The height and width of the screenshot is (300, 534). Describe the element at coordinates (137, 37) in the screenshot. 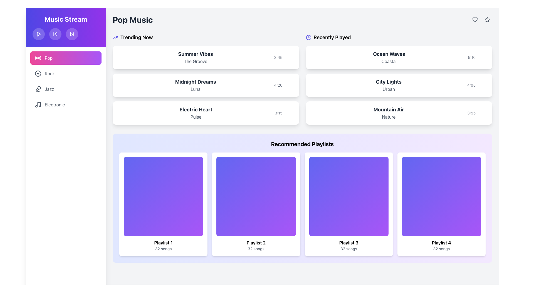

I see `the text label indicating trending music content, located below the main title 'Pop Music' in the top left area of the main content window` at that location.